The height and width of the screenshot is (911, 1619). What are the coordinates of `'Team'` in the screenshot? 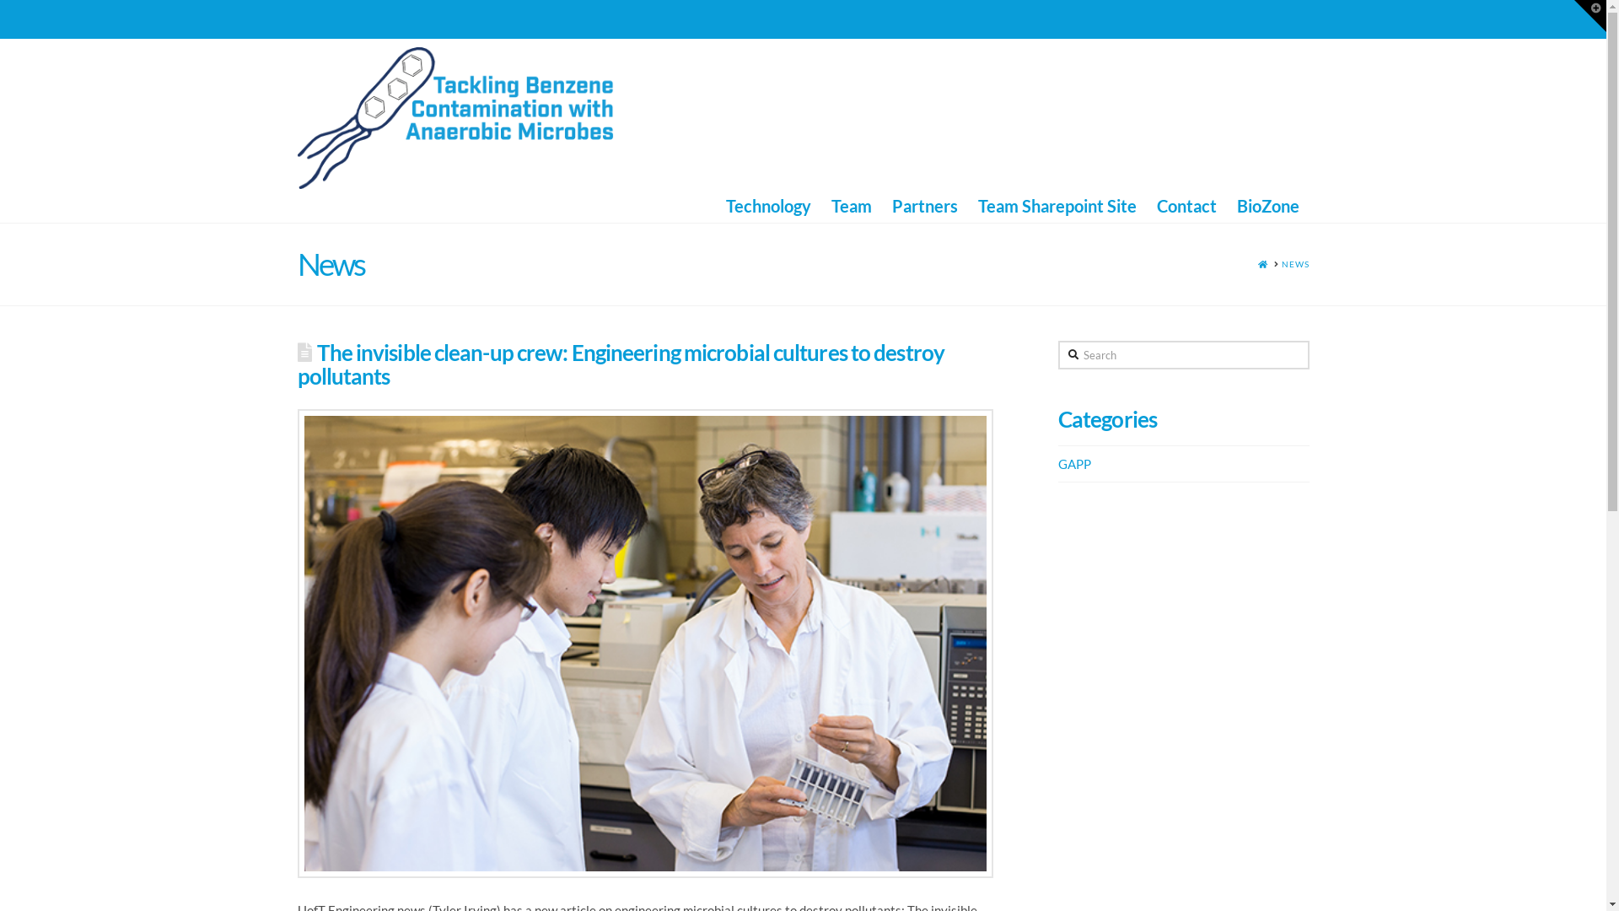 It's located at (851, 204).